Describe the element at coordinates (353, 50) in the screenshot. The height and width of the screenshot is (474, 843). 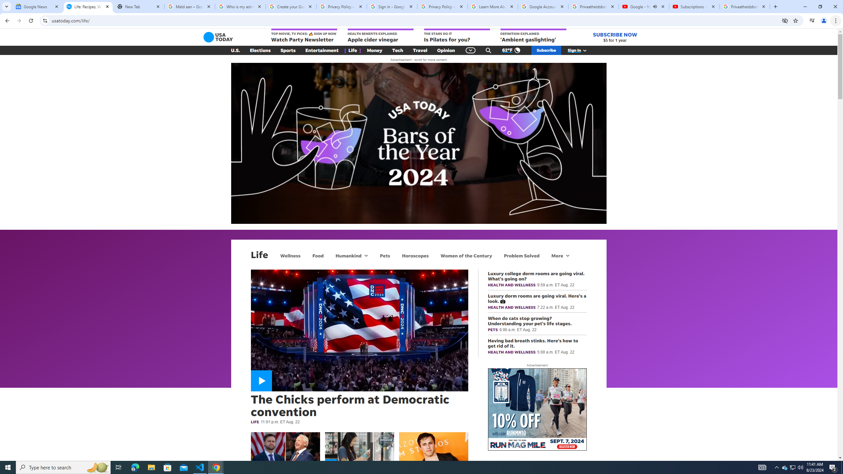
I see `'[ Life ]'` at that location.